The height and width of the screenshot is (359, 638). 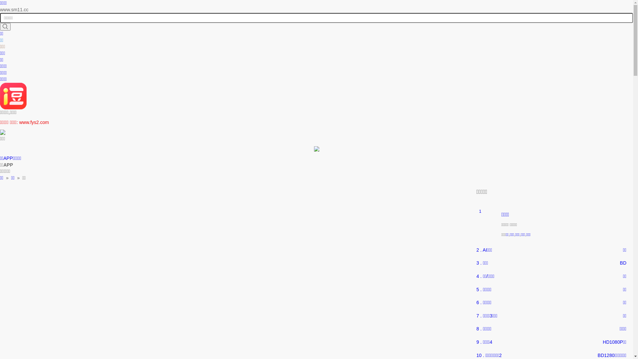 What do you see at coordinates (487, 224) in the screenshot?
I see `'1'` at bounding box center [487, 224].